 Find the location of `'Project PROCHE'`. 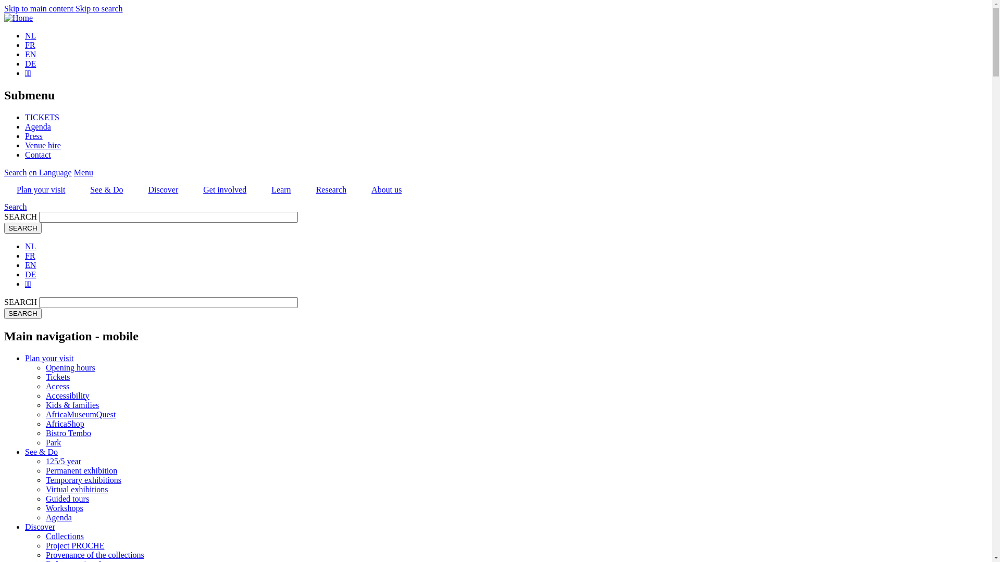

'Project PROCHE' is located at coordinates (45, 545).